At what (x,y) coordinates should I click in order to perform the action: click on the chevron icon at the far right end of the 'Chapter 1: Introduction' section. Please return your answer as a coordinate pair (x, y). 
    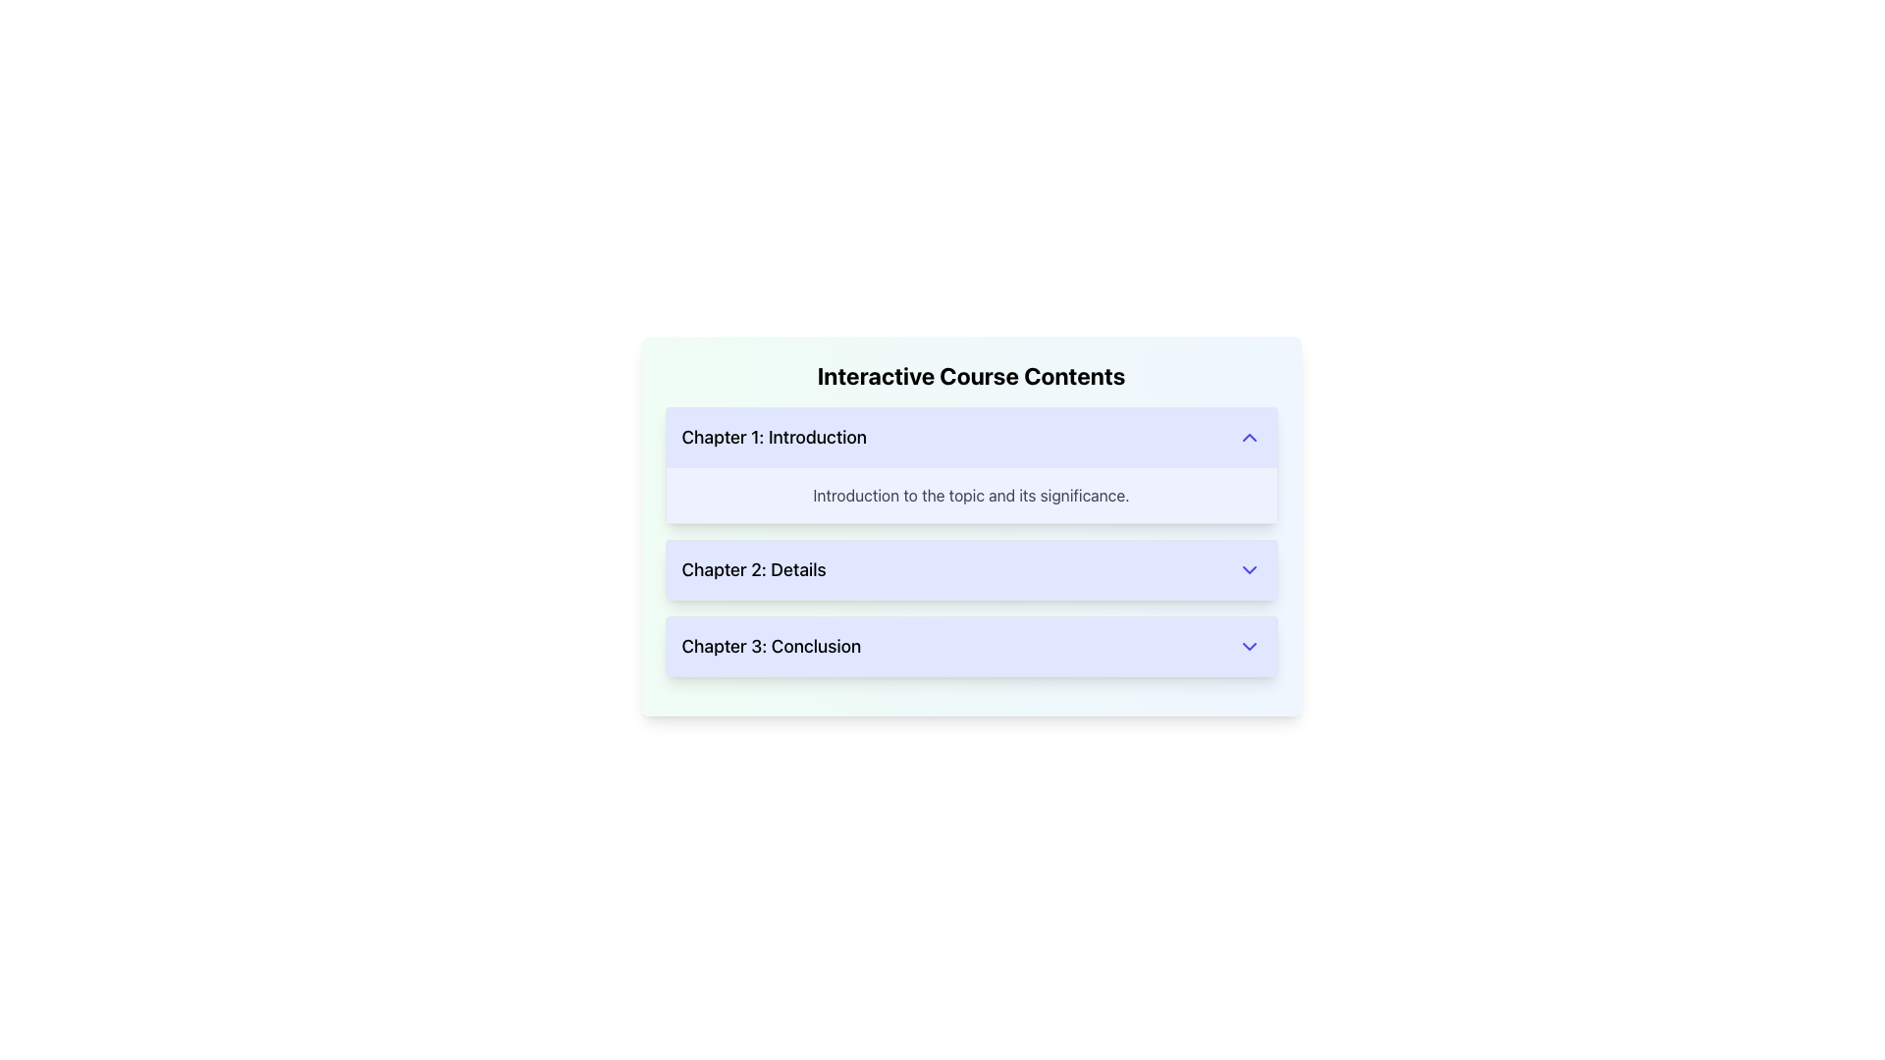
    Looking at the image, I should click on (1248, 437).